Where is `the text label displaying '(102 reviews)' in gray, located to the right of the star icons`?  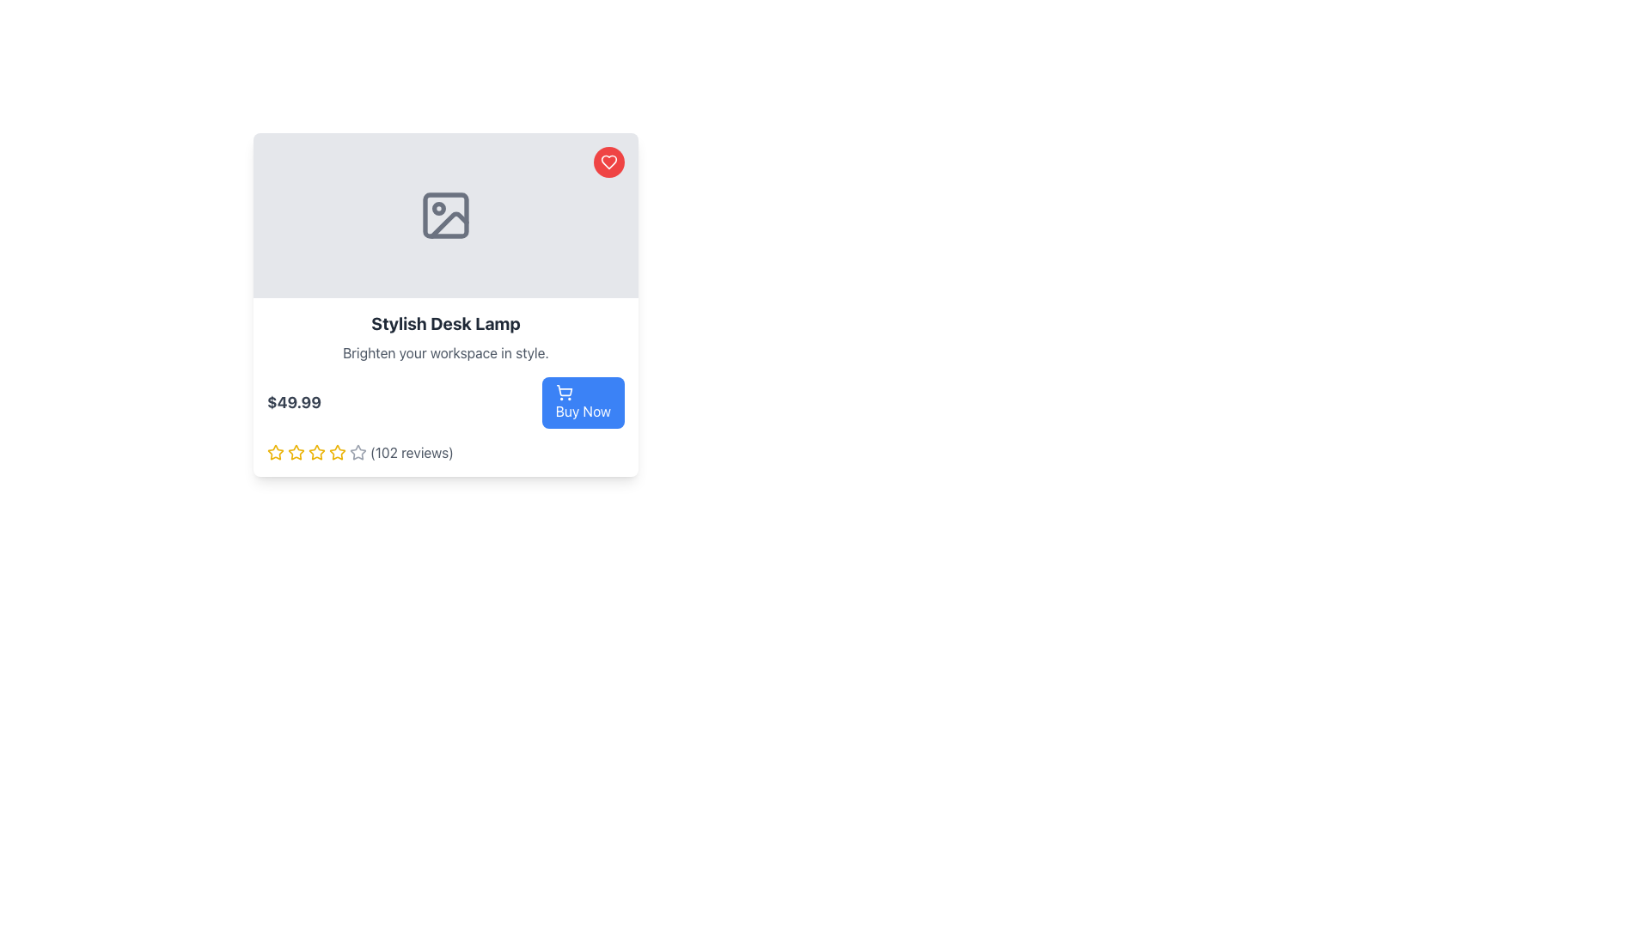 the text label displaying '(102 reviews)' in gray, located to the right of the star icons is located at coordinates (411, 452).